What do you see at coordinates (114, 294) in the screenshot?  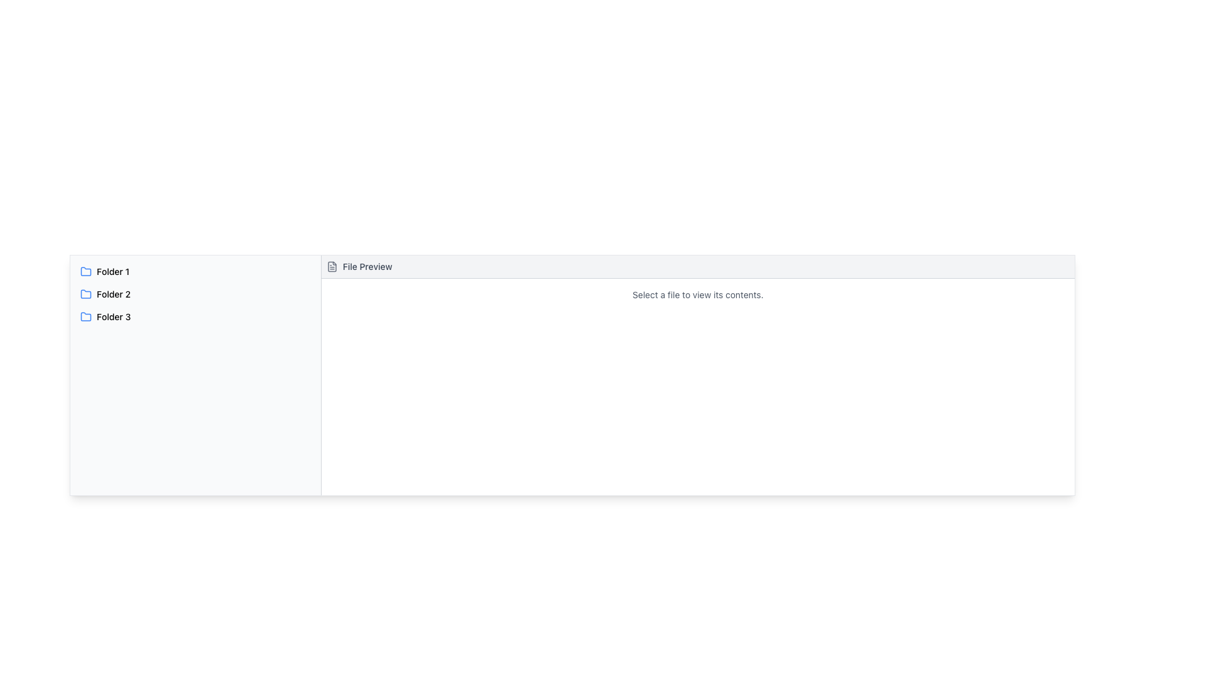 I see `the text label displaying 'Folder 2', which is part of a vertically arranged list of folder entries, located between 'Folder 1' and 'Folder 3'` at bounding box center [114, 294].